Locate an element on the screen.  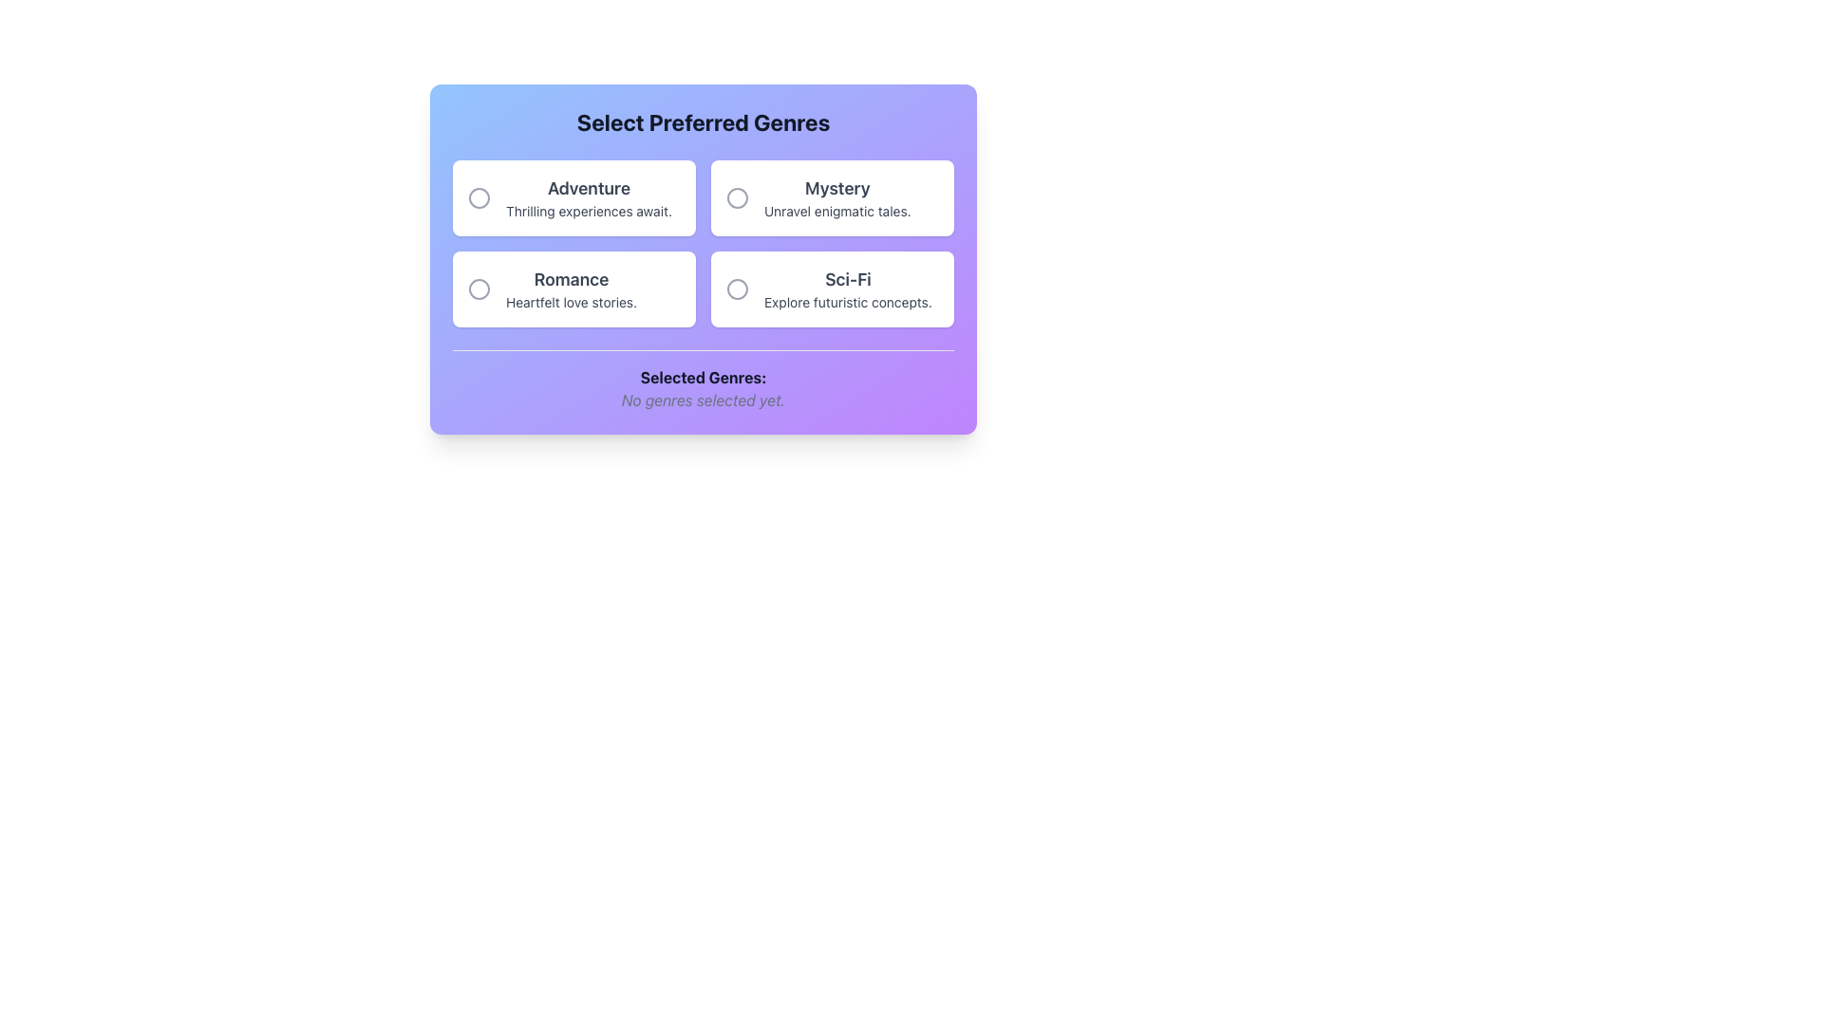
the circular gray radio button indicator for the 'Mystery' option in the genre selection grid is located at coordinates (737, 197).